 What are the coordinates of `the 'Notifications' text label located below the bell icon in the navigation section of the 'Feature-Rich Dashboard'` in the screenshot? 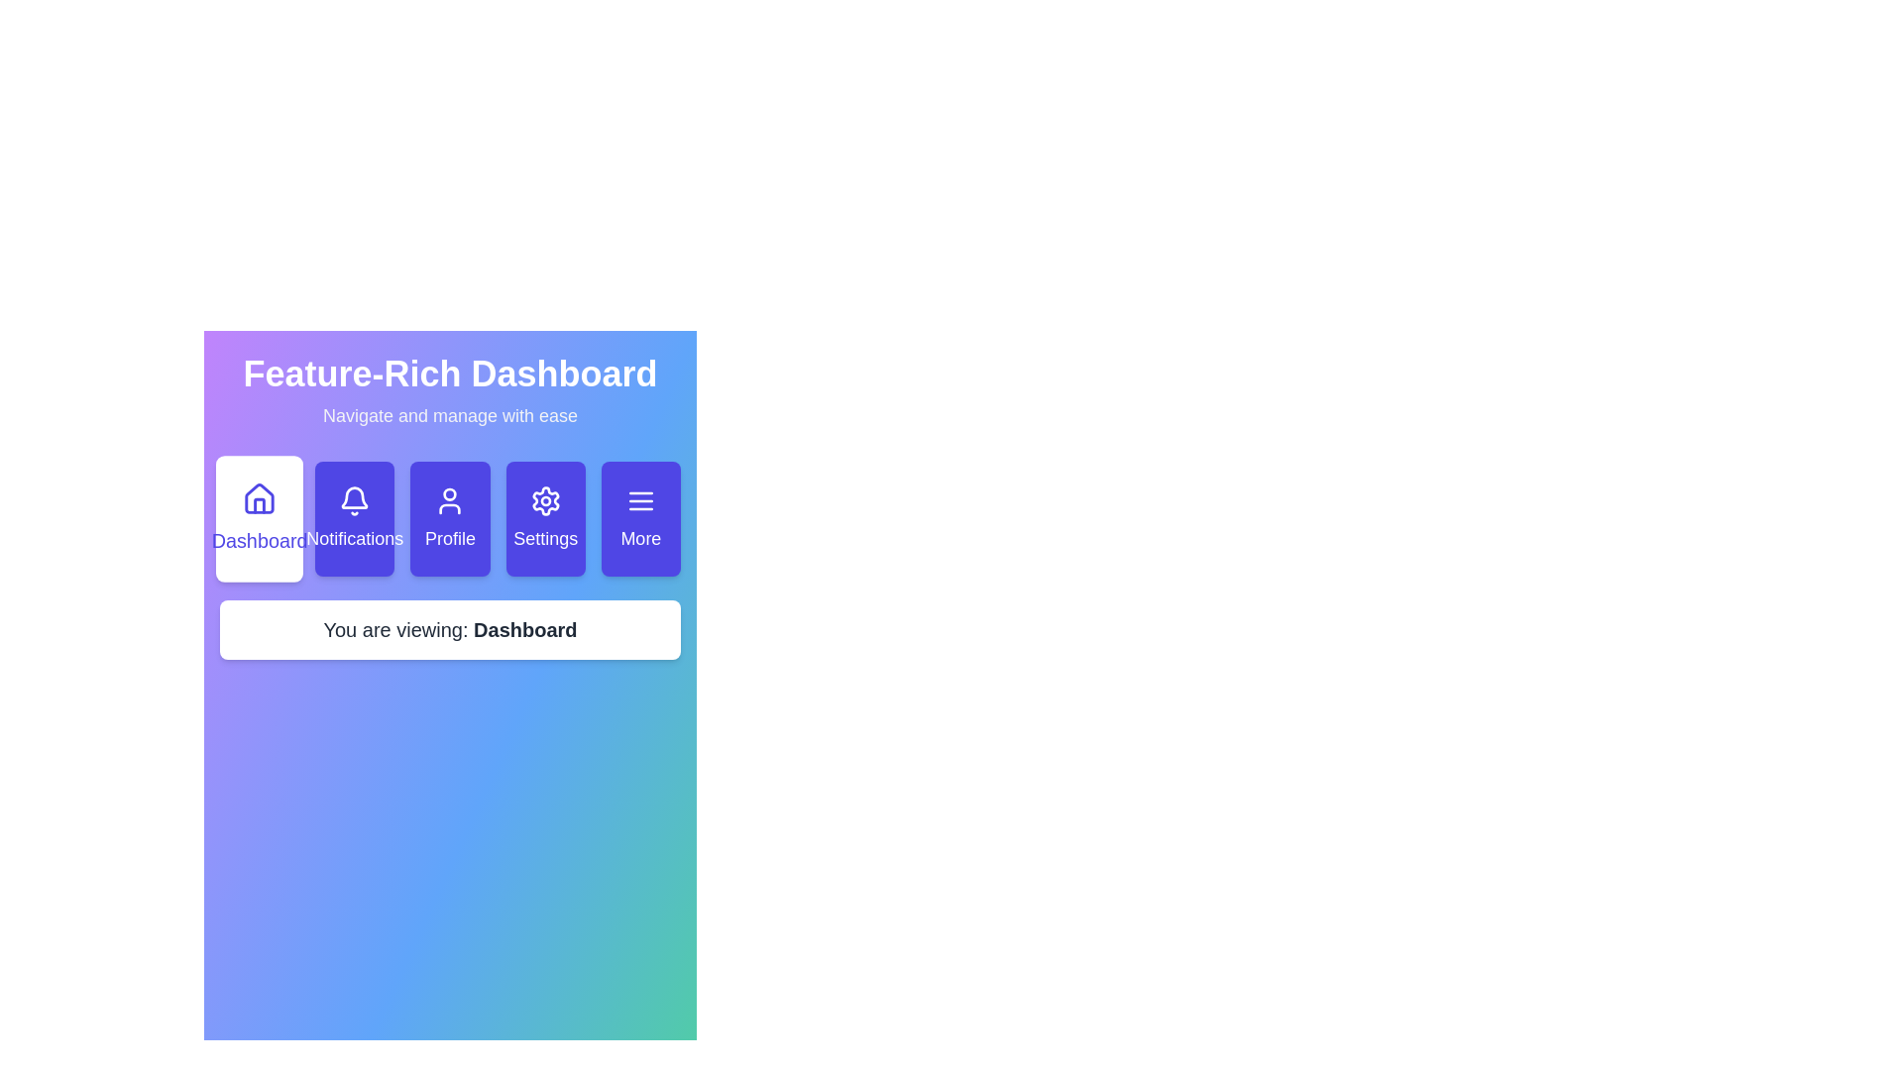 It's located at (355, 538).